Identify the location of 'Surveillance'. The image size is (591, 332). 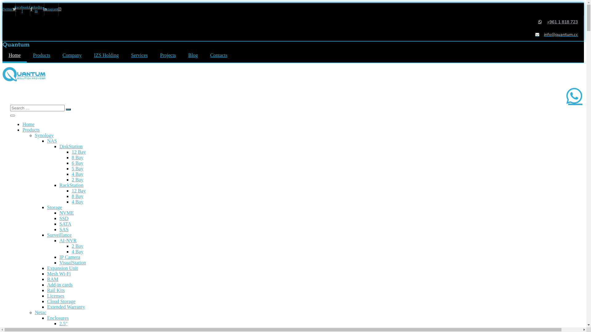
(59, 235).